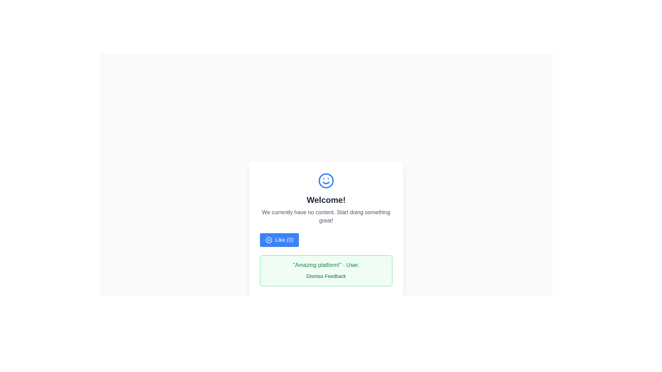 Image resolution: width=662 pixels, height=372 pixels. What do you see at coordinates (268, 240) in the screenshot?
I see `the 'Like' icon located within the 'Like (0)' button, which is positioned under the 'Welcome!' heading and above the feedback section` at bounding box center [268, 240].